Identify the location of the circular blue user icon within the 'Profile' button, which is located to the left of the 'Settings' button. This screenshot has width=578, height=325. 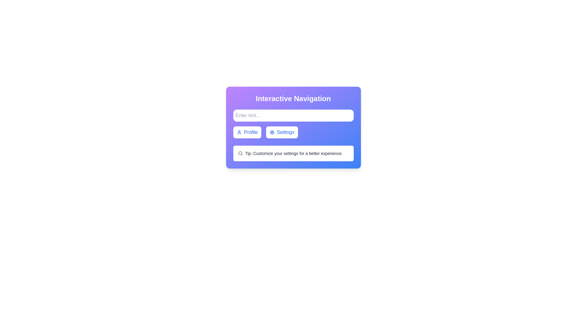
(239, 132).